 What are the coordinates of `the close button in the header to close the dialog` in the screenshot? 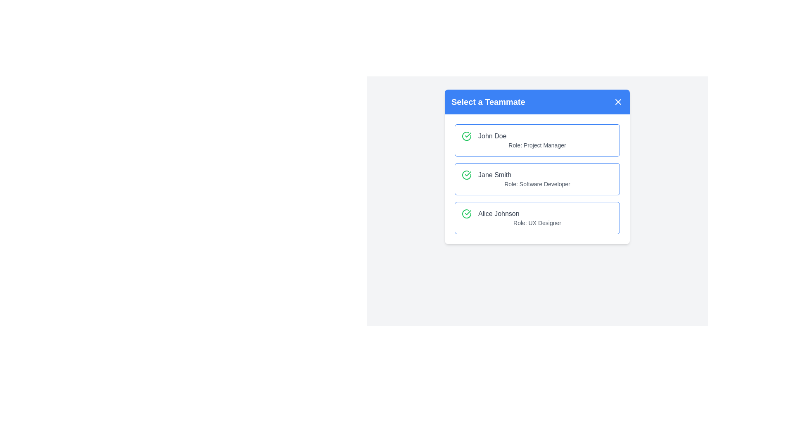 It's located at (618, 101).